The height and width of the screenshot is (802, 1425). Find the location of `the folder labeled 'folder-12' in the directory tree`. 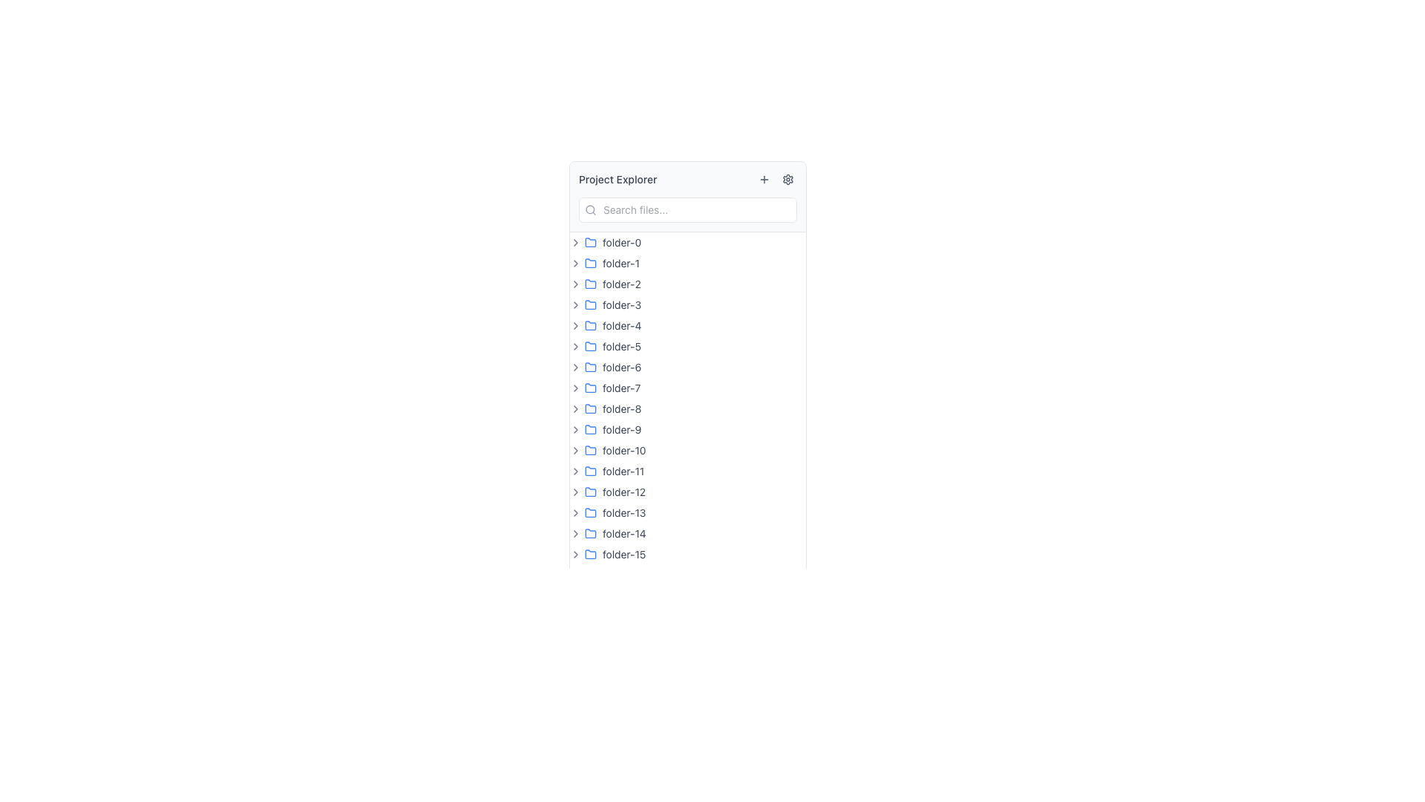

the folder labeled 'folder-12' in the directory tree is located at coordinates (687, 492).